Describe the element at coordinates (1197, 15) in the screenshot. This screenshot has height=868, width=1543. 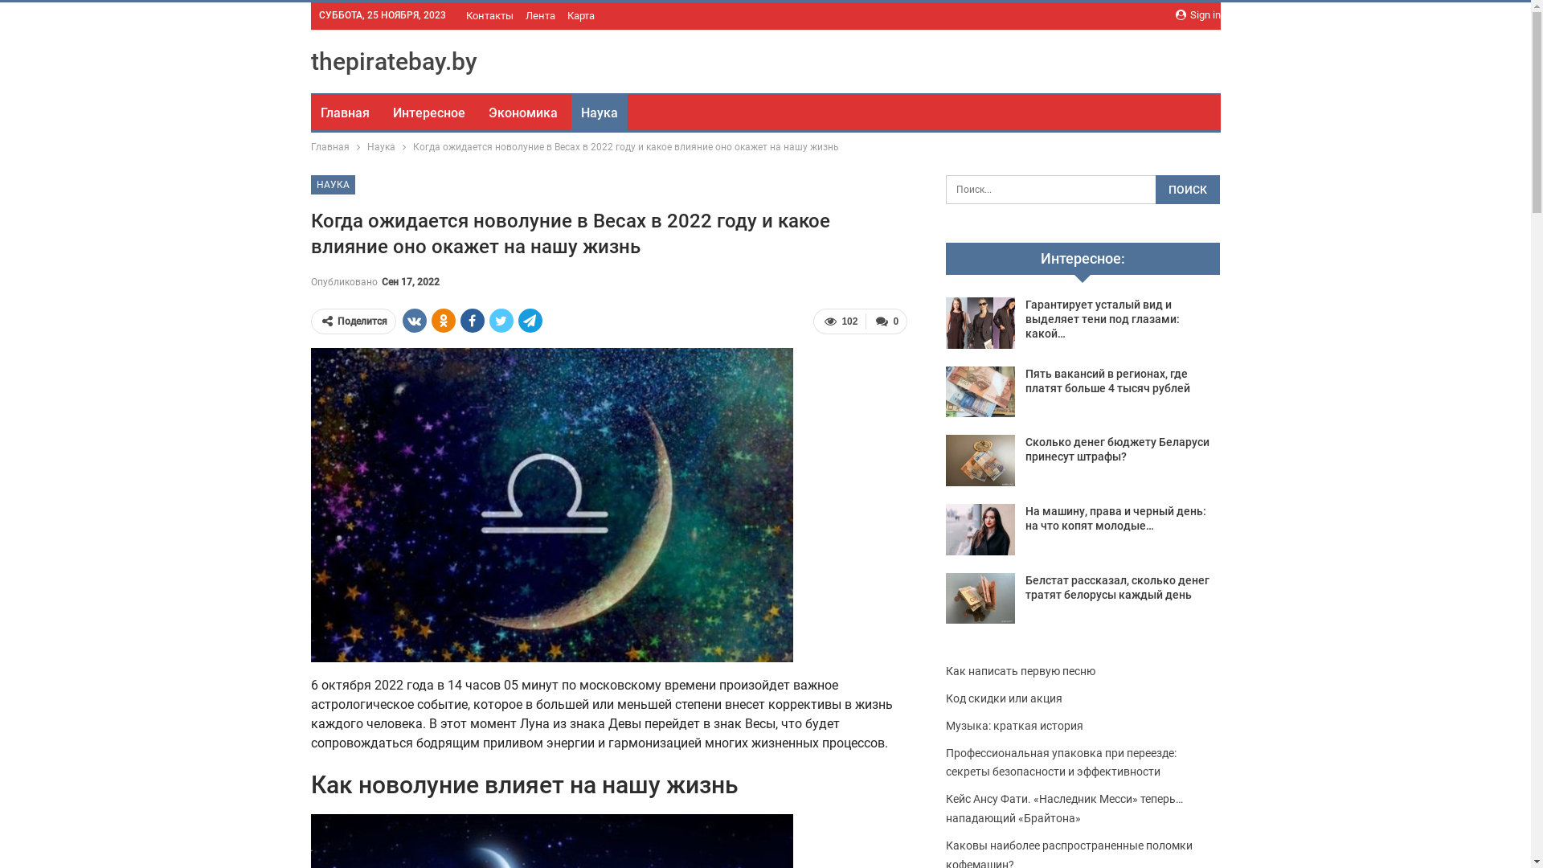
I see `'Sign in'` at that location.